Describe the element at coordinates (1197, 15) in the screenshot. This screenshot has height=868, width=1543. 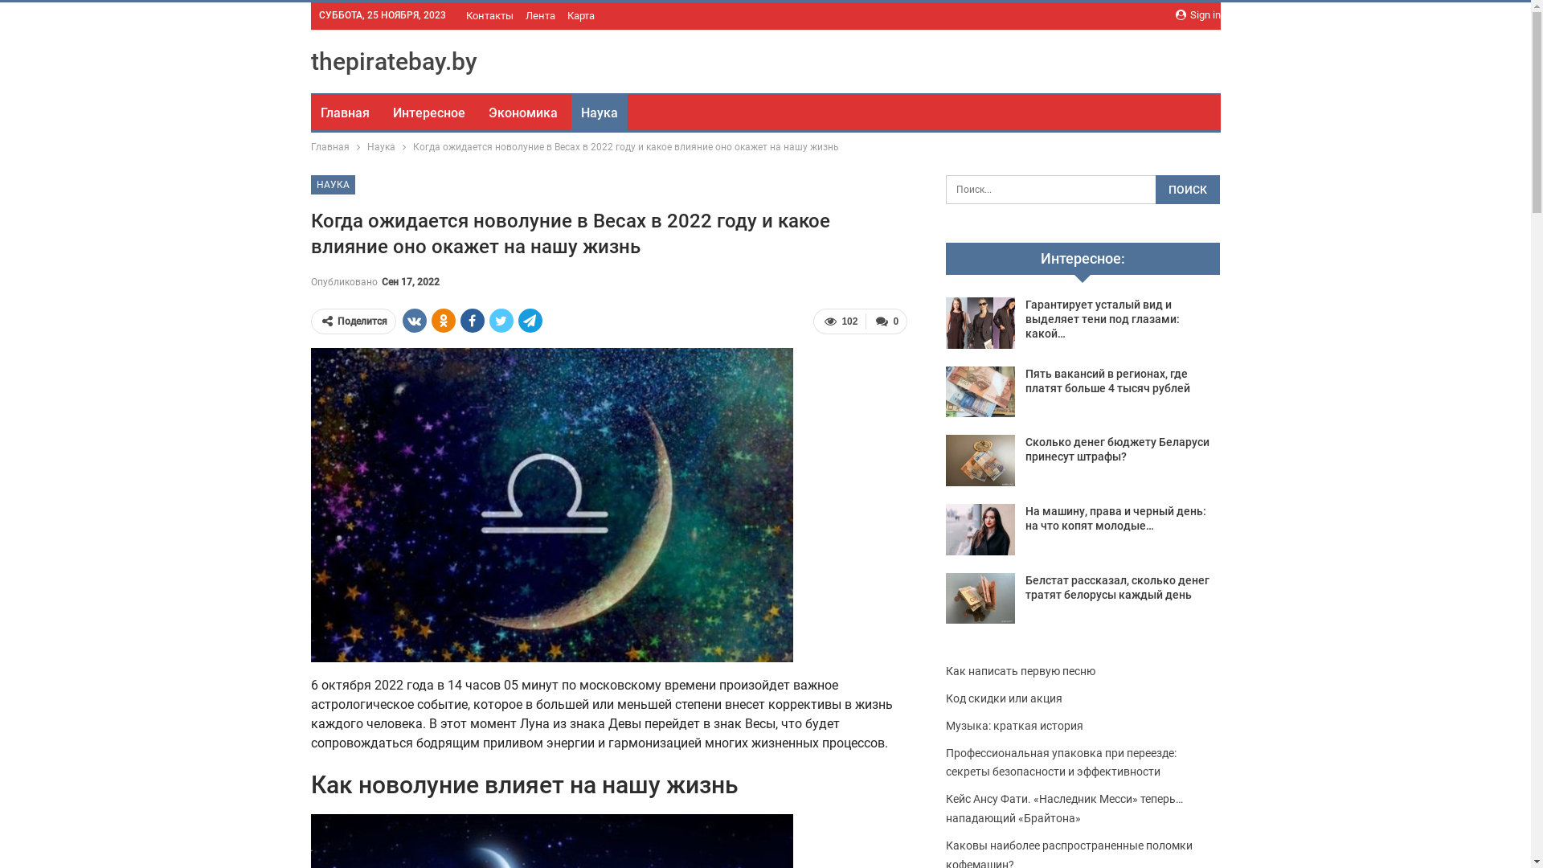
I see `'Sign in'` at that location.